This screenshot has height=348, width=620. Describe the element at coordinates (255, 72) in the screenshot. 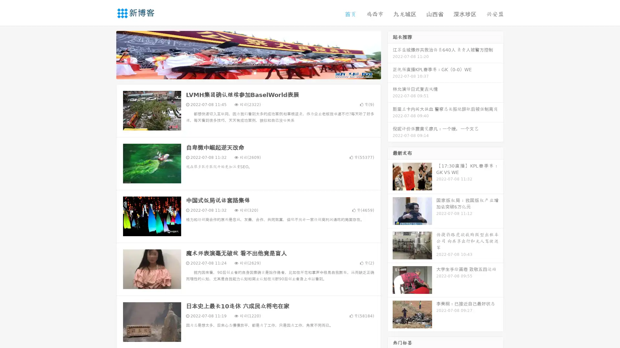

I see `Go to slide 3` at that location.